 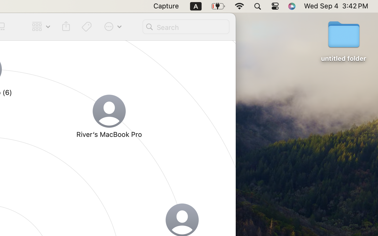 I want to click on 'River‘s MacBook Pro', so click(x=109, y=134).